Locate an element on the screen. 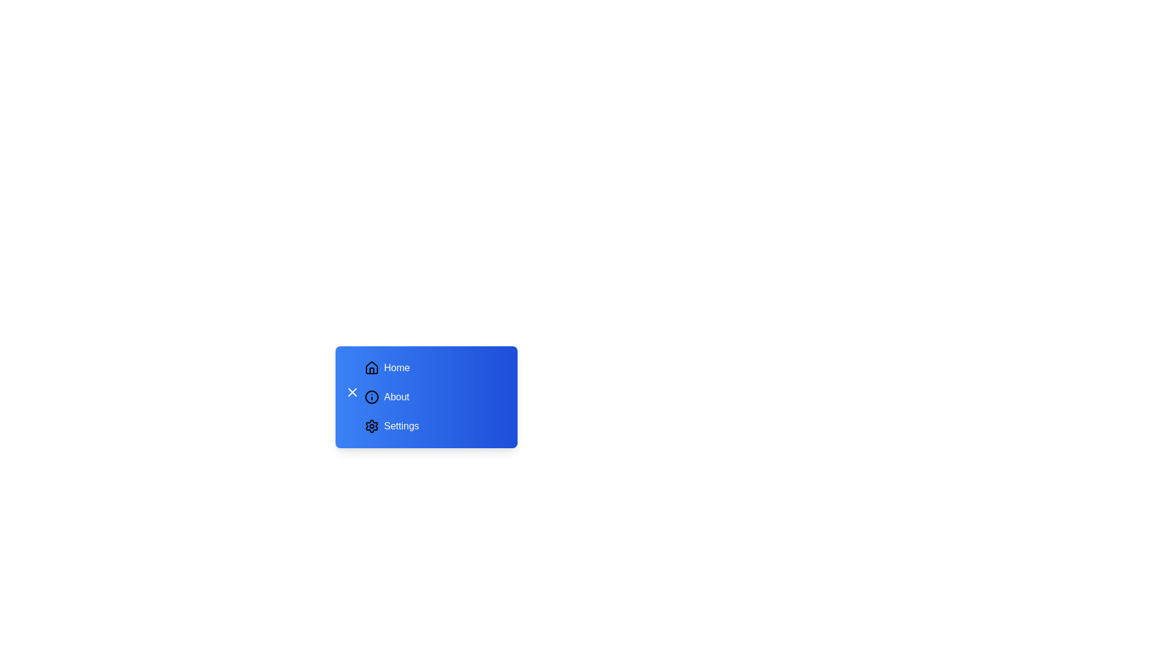 The height and width of the screenshot is (655, 1165). the menu item Home to trigger its hover effect is located at coordinates (434, 367).